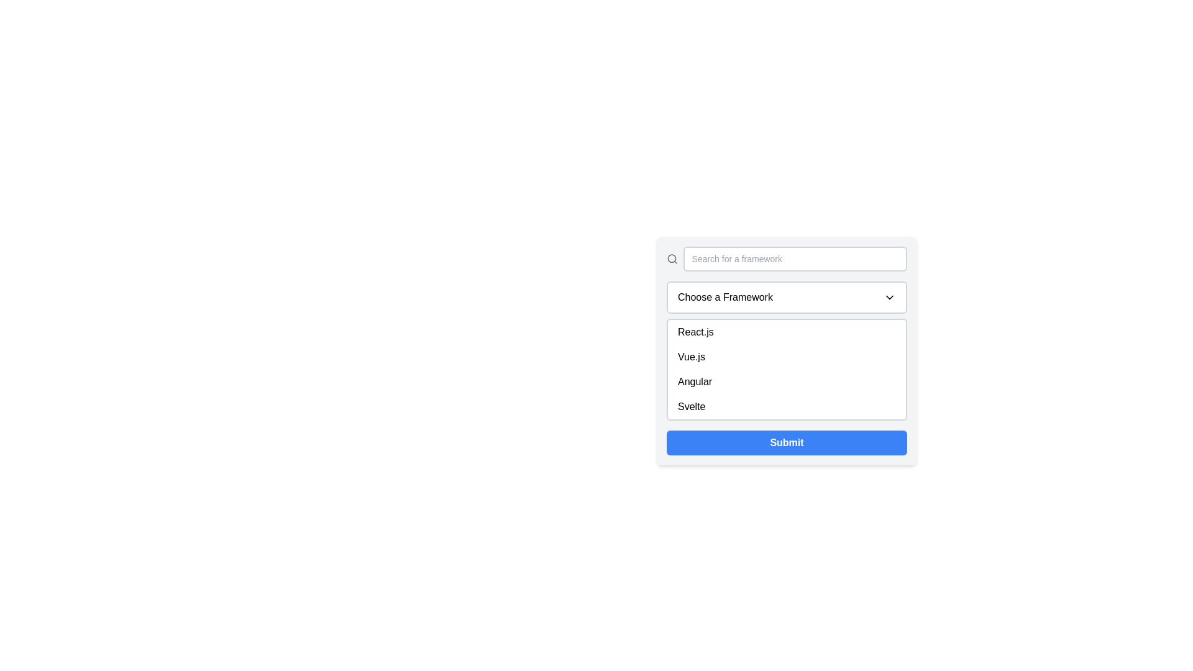 Image resolution: width=1193 pixels, height=671 pixels. Describe the element at coordinates (695, 332) in the screenshot. I see `the first item in the dropdown list that sets 'React.js' as the selected framework` at that location.